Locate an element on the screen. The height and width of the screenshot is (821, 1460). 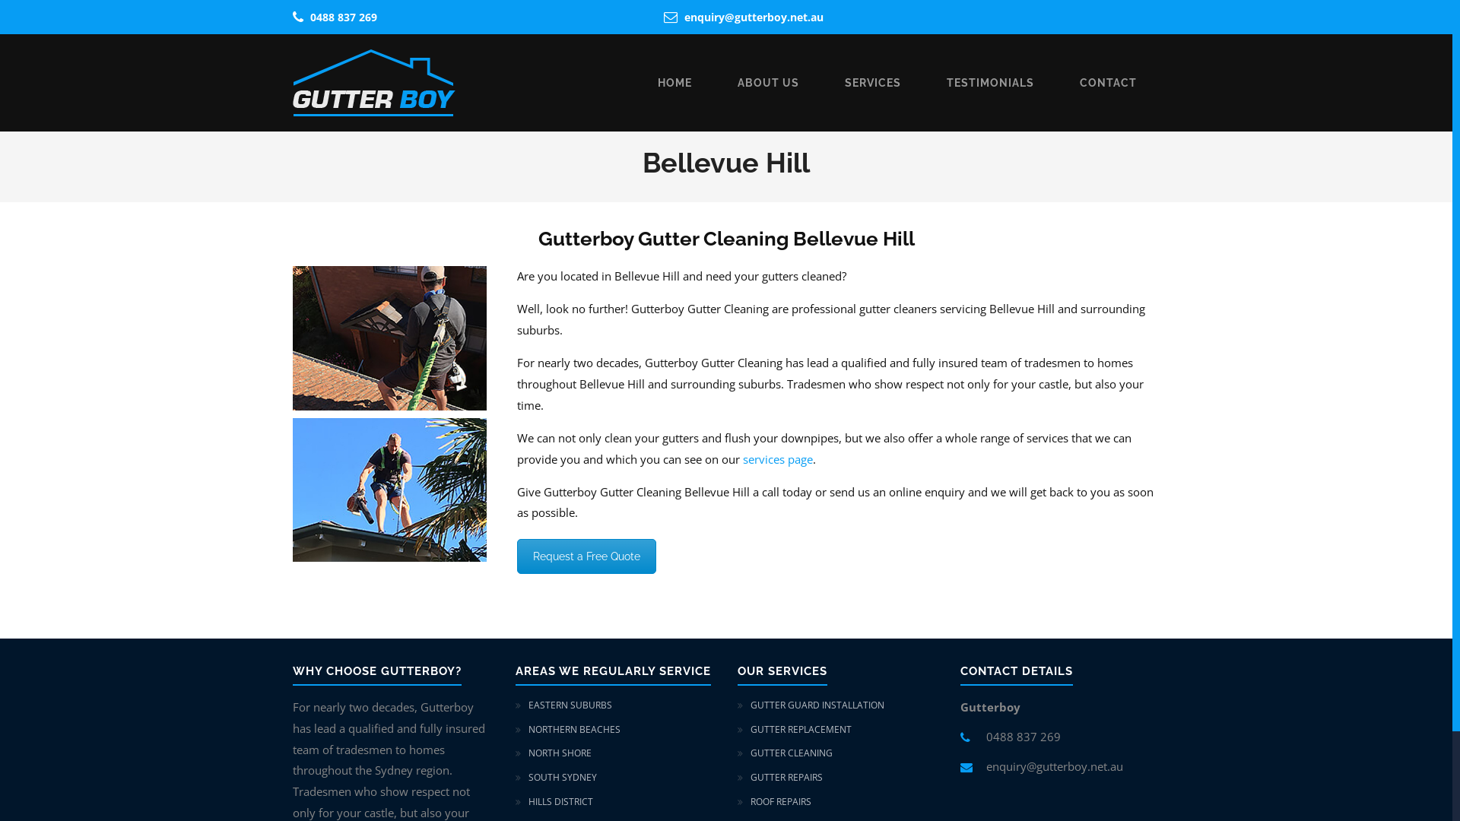
'SOUTH SYDNEY' is located at coordinates (561, 777).